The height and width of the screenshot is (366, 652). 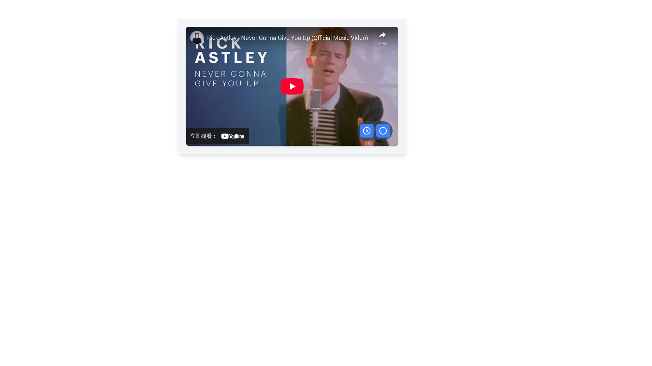 I want to click on the leftmost circular button in the bottom-right corner of the video preview section, so click(x=366, y=130).